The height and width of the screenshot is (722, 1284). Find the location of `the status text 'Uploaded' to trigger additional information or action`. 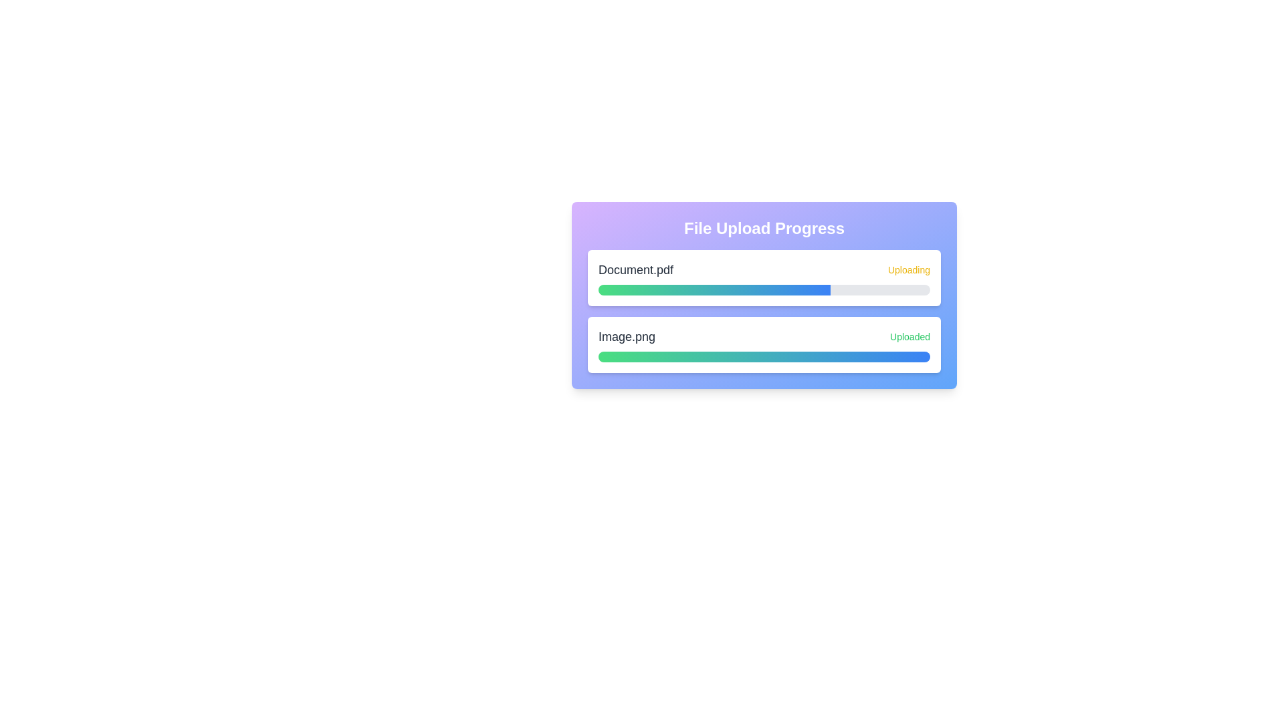

the status text 'Uploaded' to trigger additional information or action is located at coordinates (909, 336).